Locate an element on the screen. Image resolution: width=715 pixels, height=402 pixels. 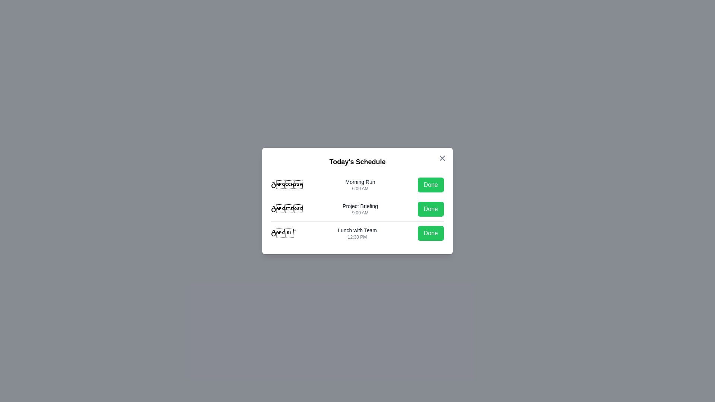
'Done' button for the task 'Project Briefing' is located at coordinates (430, 209).